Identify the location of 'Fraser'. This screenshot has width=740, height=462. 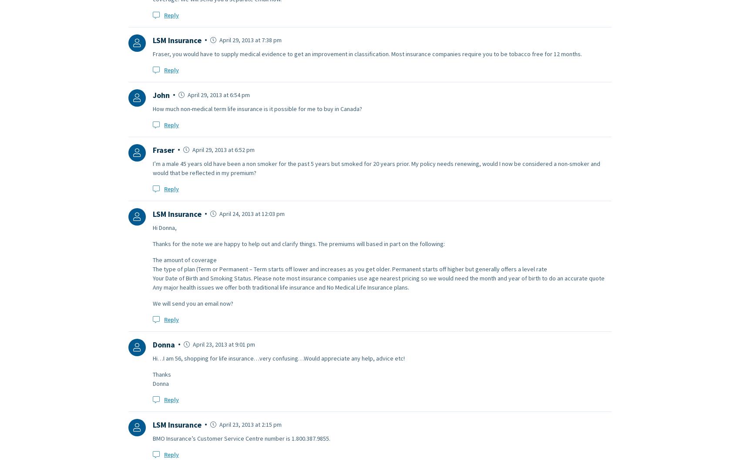
(163, 149).